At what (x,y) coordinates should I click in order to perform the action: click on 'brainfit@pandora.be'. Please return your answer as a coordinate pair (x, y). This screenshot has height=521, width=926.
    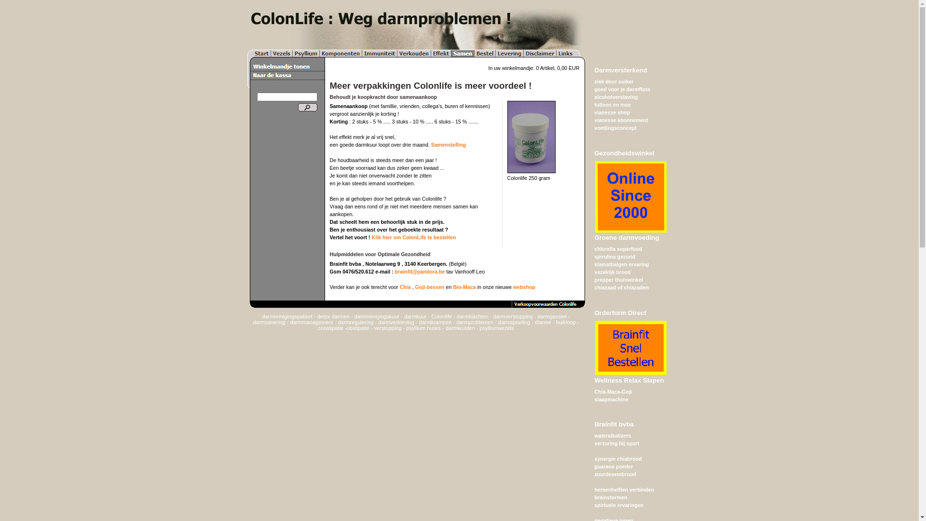
    Looking at the image, I should click on (420, 272).